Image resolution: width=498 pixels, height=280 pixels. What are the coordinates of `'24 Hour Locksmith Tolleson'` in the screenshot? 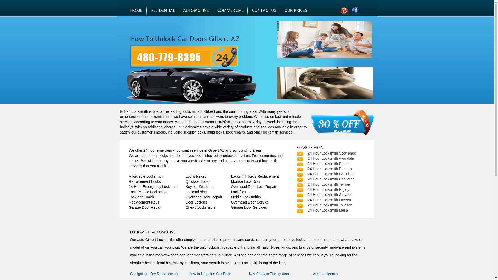 It's located at (323, 205).